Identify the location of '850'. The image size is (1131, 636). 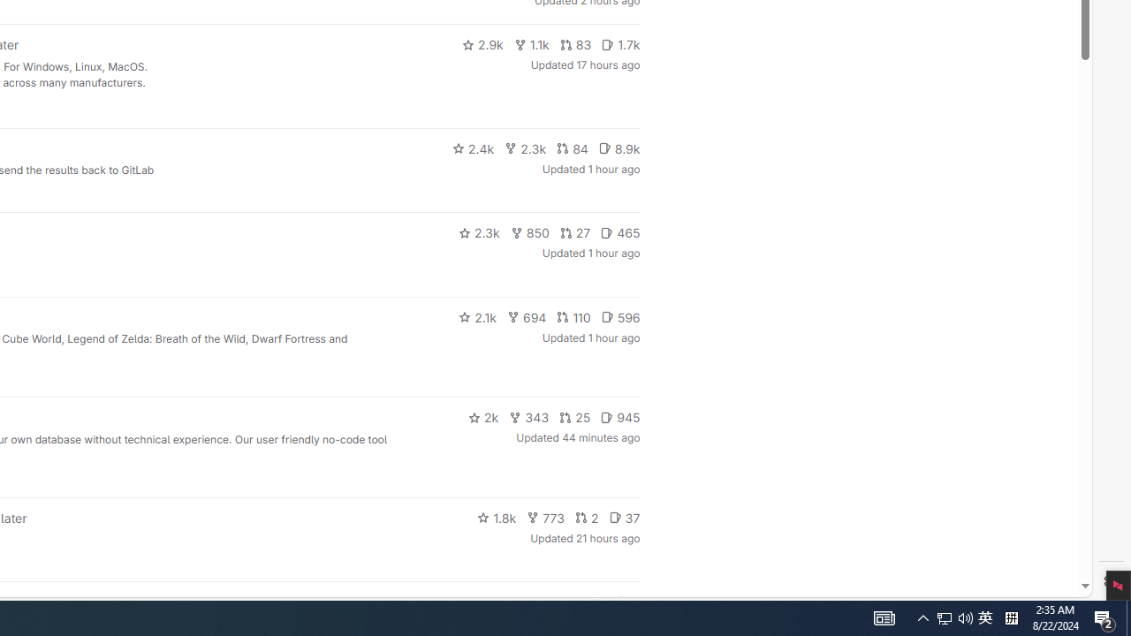
(528, 231).